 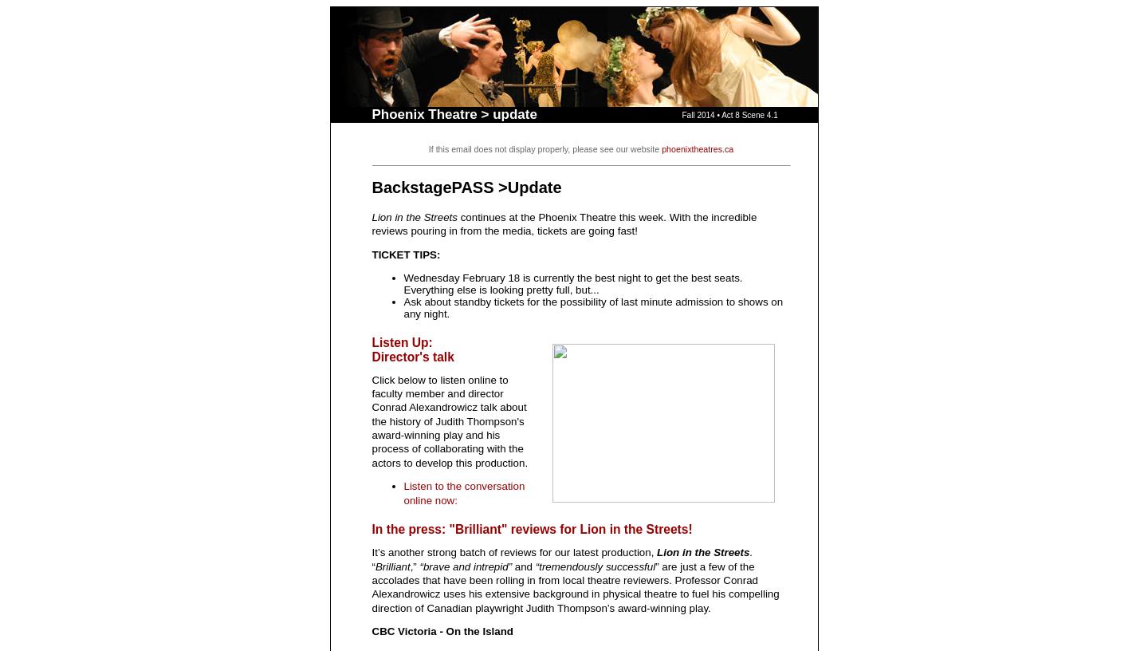 I want to click on 'Listen to the conversation online now:', so click(x=464, y=492).